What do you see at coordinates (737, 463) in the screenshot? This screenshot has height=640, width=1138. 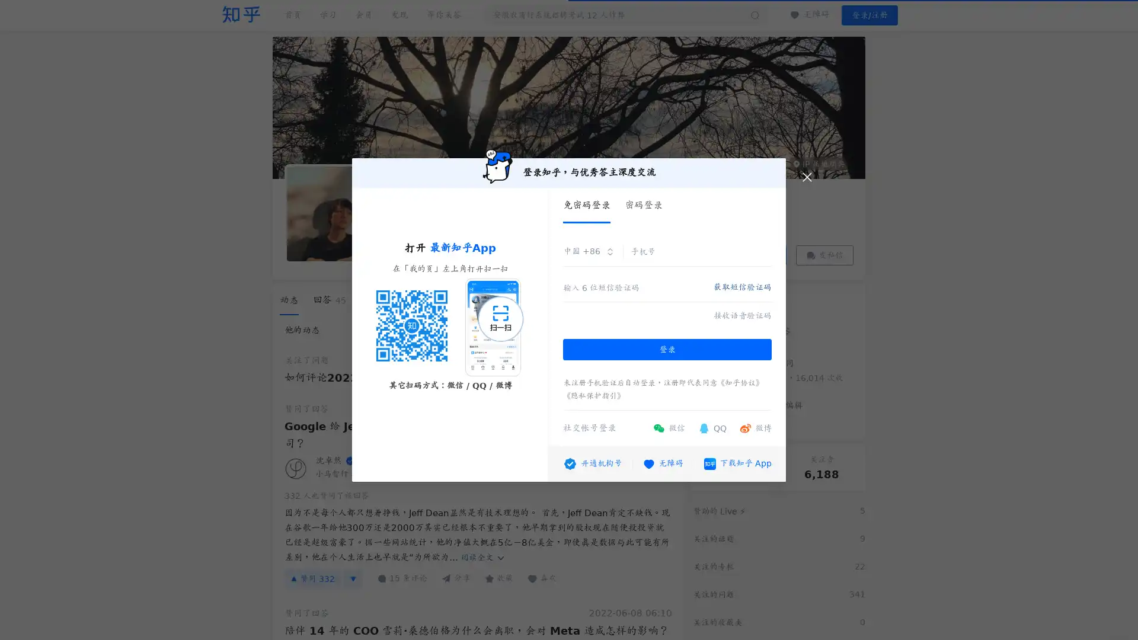 I see `App` at bounding box center [737, 463].